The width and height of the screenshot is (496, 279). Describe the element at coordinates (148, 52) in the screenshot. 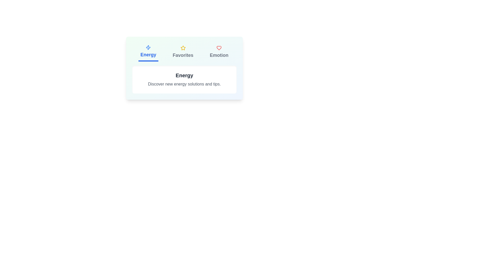

I see `the Energy tab by clicking on it` at that location.